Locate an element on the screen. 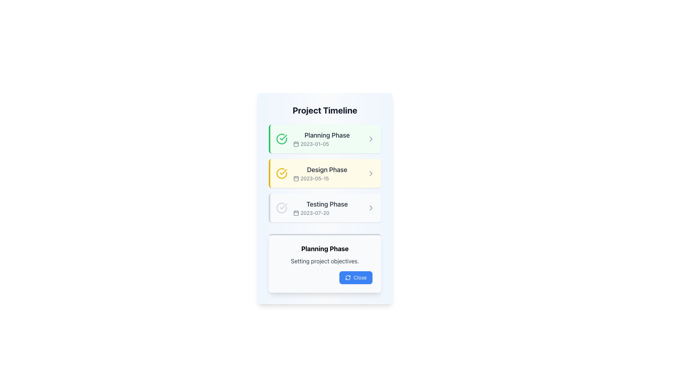 This screenshot has width=691, height=388. the blue 'Close' button with rounded corners located at the bottom-right corner of the card displaying 'Planning Phase' and 'Setting project objectives' is located at coordinates (356, 277).